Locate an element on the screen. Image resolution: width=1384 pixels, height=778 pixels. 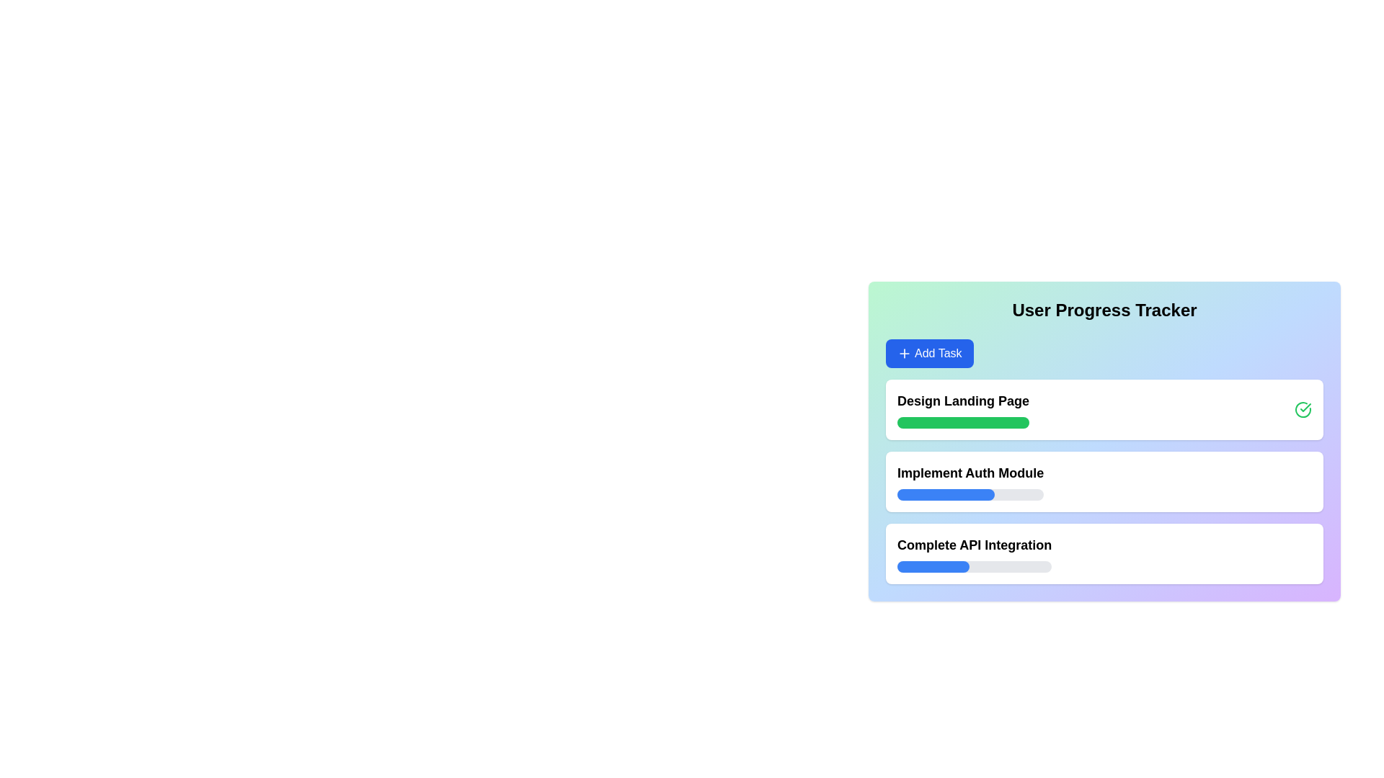
text label displaying the title 'Complete API Integration' located in the third section of the progress tracker interface, which is positioned above the progress bar is located at coordinates (975, 545).